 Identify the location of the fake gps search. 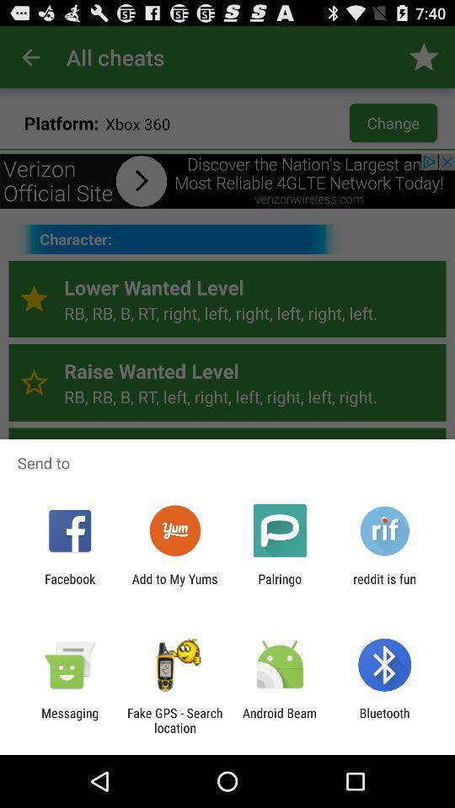
(174, 720).